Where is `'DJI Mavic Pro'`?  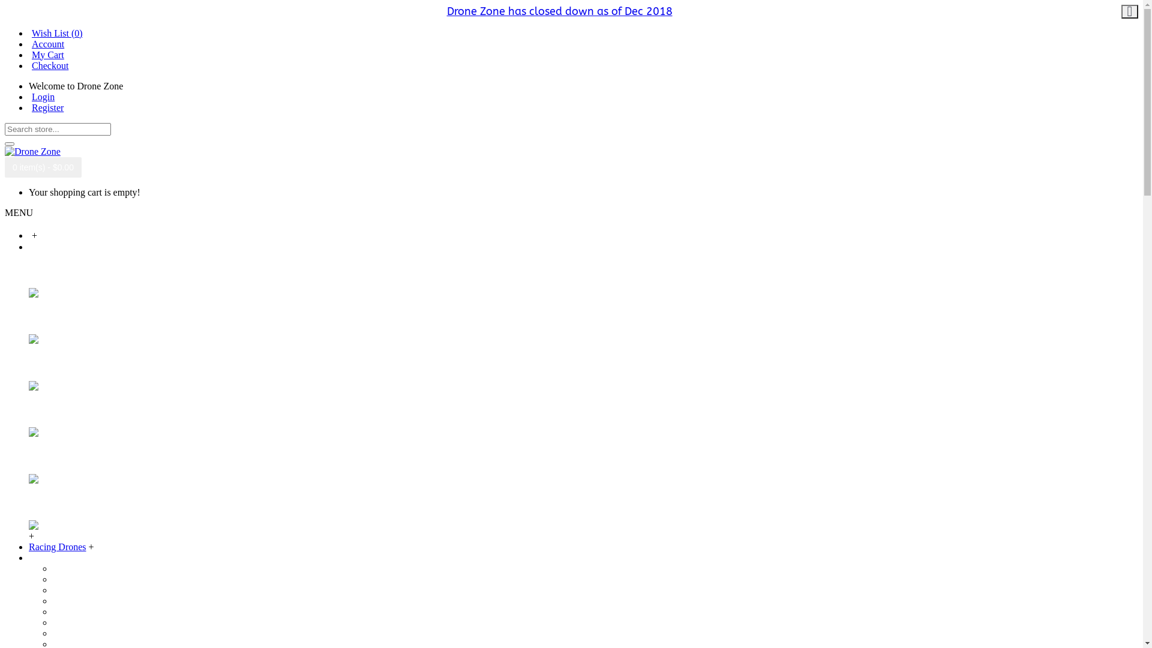
'DJI Mavic Pro' is located at coordinates (80, 578).